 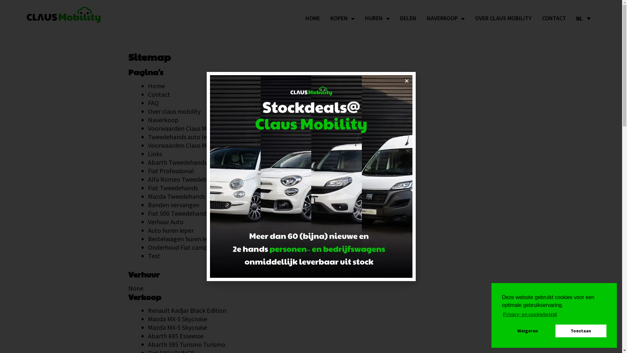 I want to click on 'FAQ', so click(x=153, y=103).